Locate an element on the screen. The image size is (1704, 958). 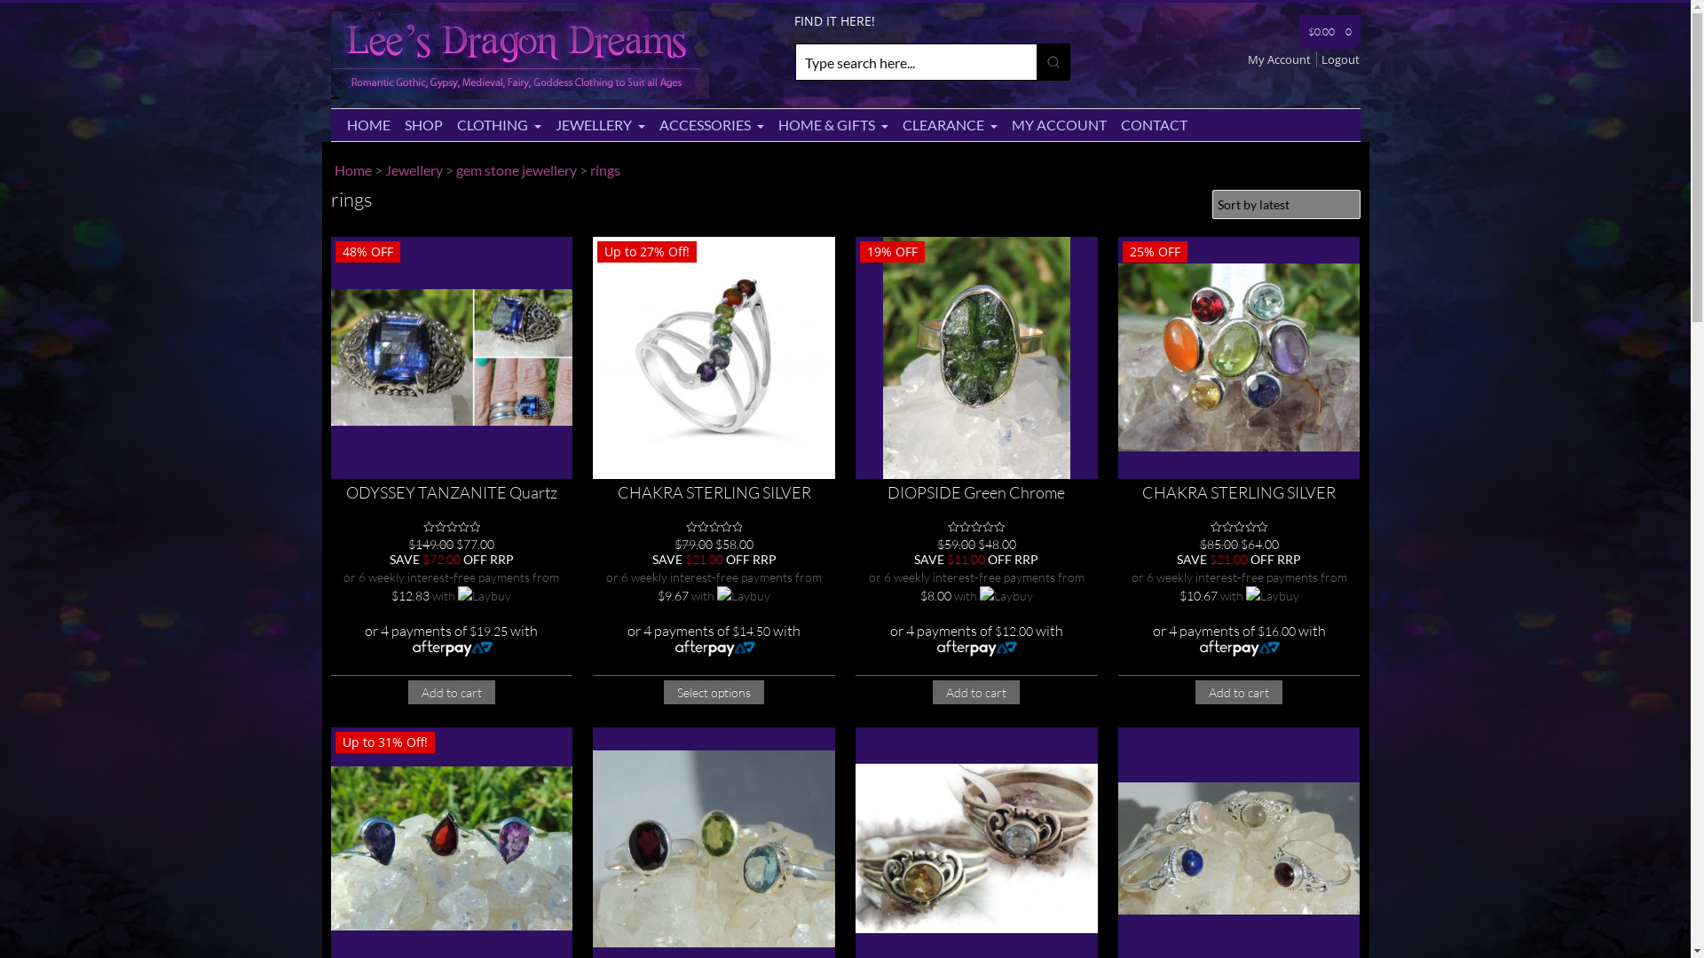
'CONTACT' is located at coordinates (1153, 124).